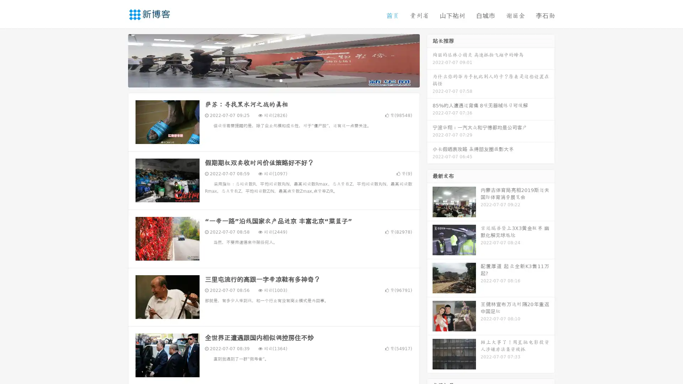  I want to click on Previous slide, so click(117, 60).